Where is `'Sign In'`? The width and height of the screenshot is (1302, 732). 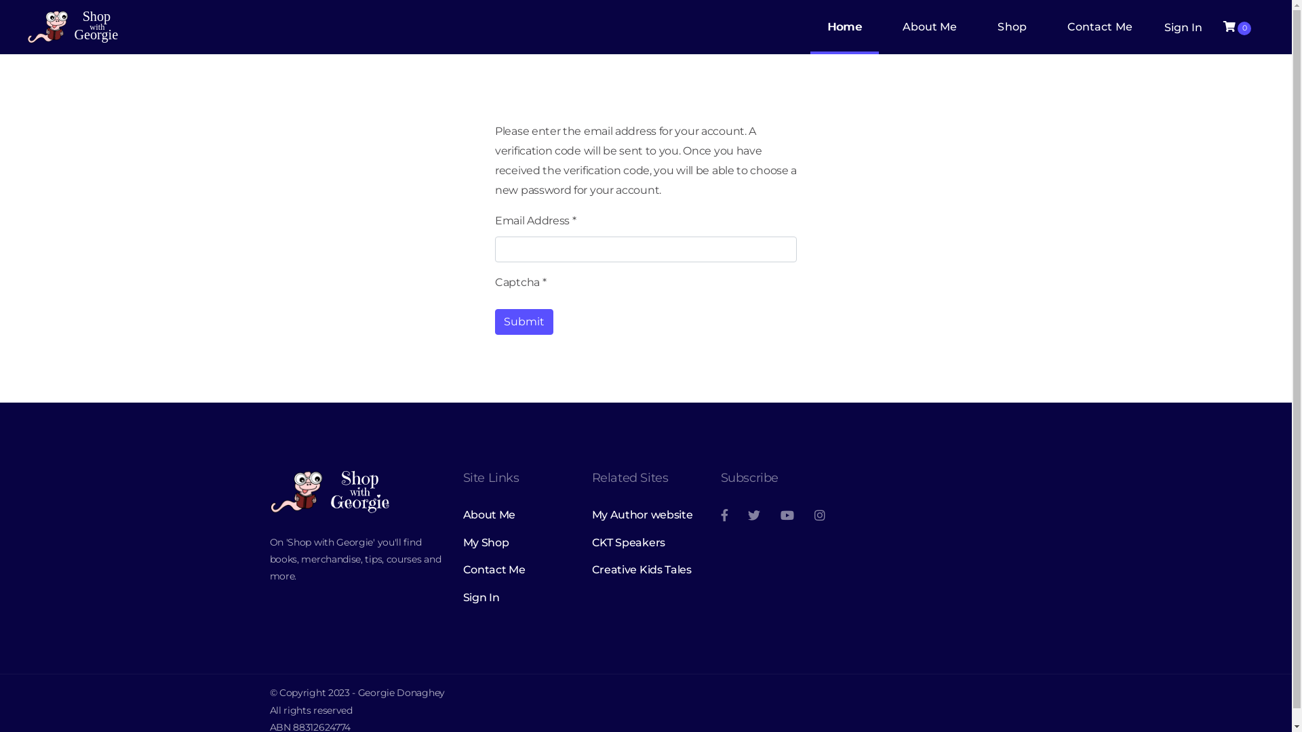
'Sign In' is located at coordinates (516, 597).